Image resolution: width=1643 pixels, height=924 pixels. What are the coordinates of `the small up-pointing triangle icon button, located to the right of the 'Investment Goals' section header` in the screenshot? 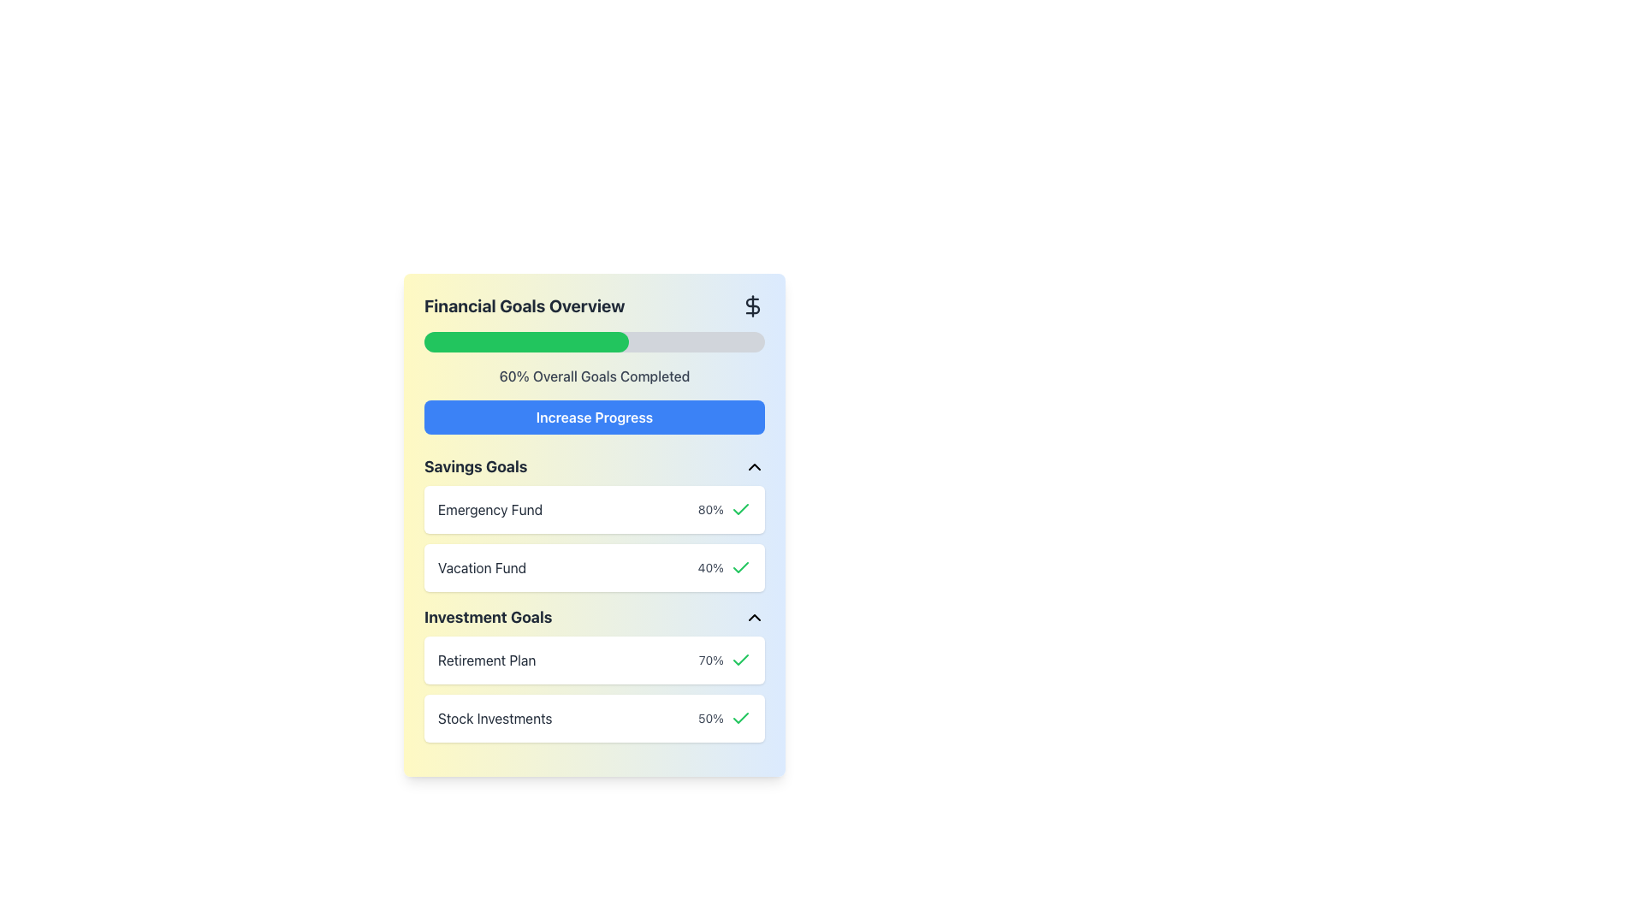 It's located at (754, 617).